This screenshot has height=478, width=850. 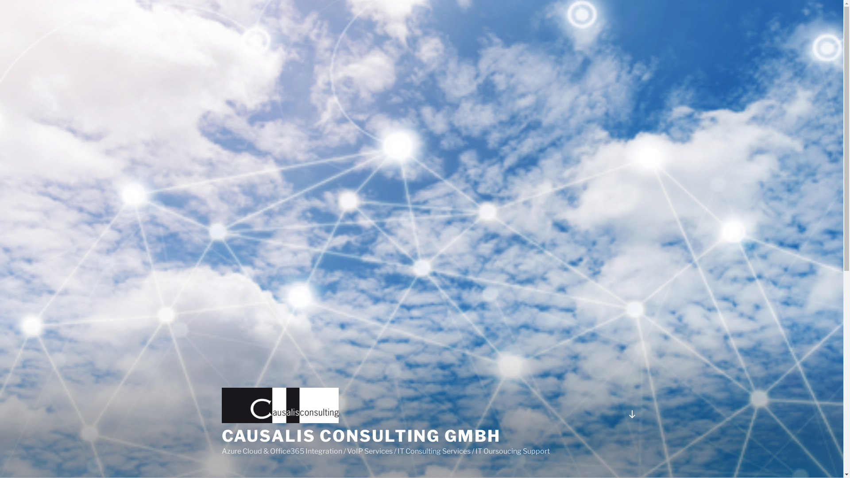 I want to click on 'CAUSALIS CONSULTING GMBH', so click(x=361, y=435).